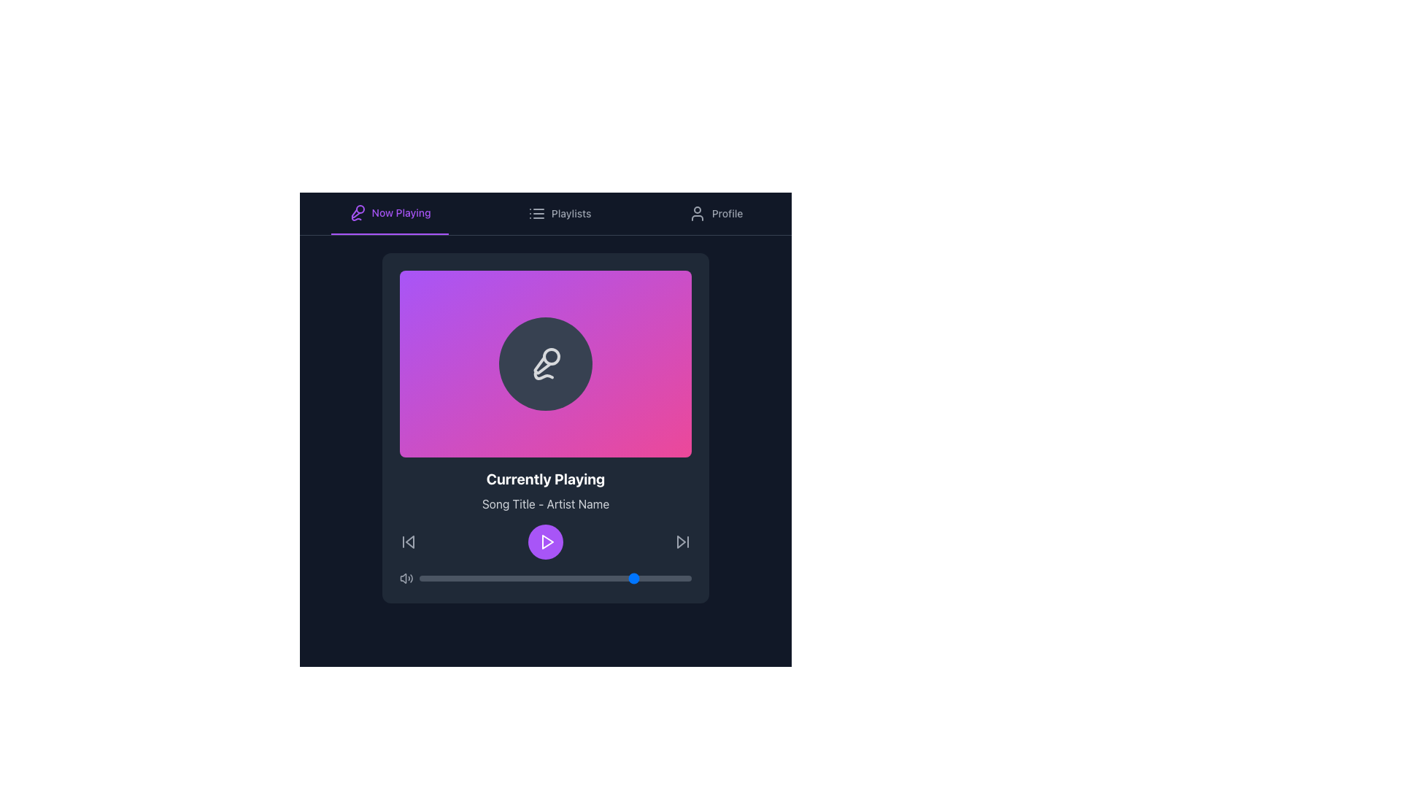 This screenshot has height=788, width=1401. What do you see at coordinates (547, 542) in the screenshot?
I see `the play icon in the music player interface` at bounding box center [547, 542].